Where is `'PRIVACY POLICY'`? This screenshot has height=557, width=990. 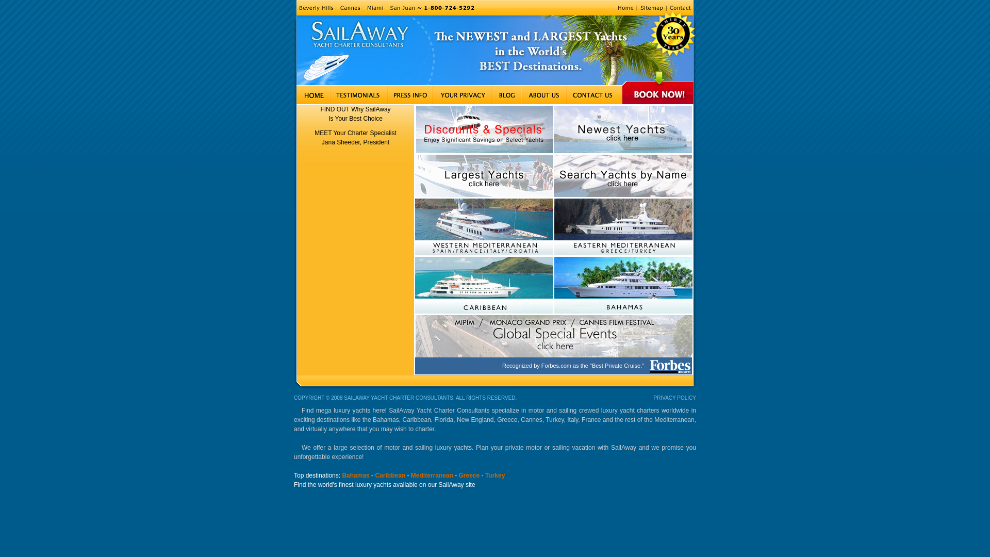 'PRIVACY POLICY' is located at coordinates (675, 397).